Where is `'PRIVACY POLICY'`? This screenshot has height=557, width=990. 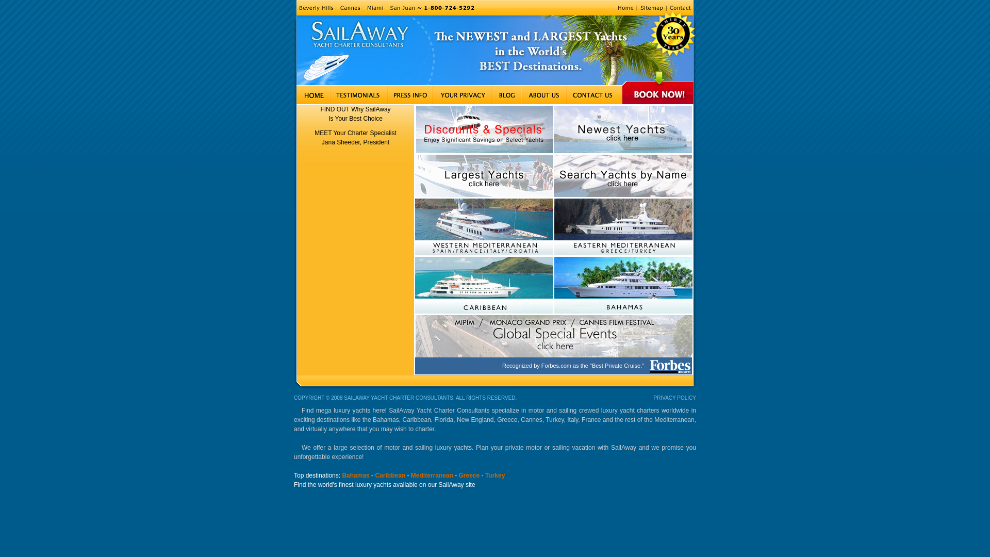 'PRIVACY POLICY' is located at coordinates (675, 397).